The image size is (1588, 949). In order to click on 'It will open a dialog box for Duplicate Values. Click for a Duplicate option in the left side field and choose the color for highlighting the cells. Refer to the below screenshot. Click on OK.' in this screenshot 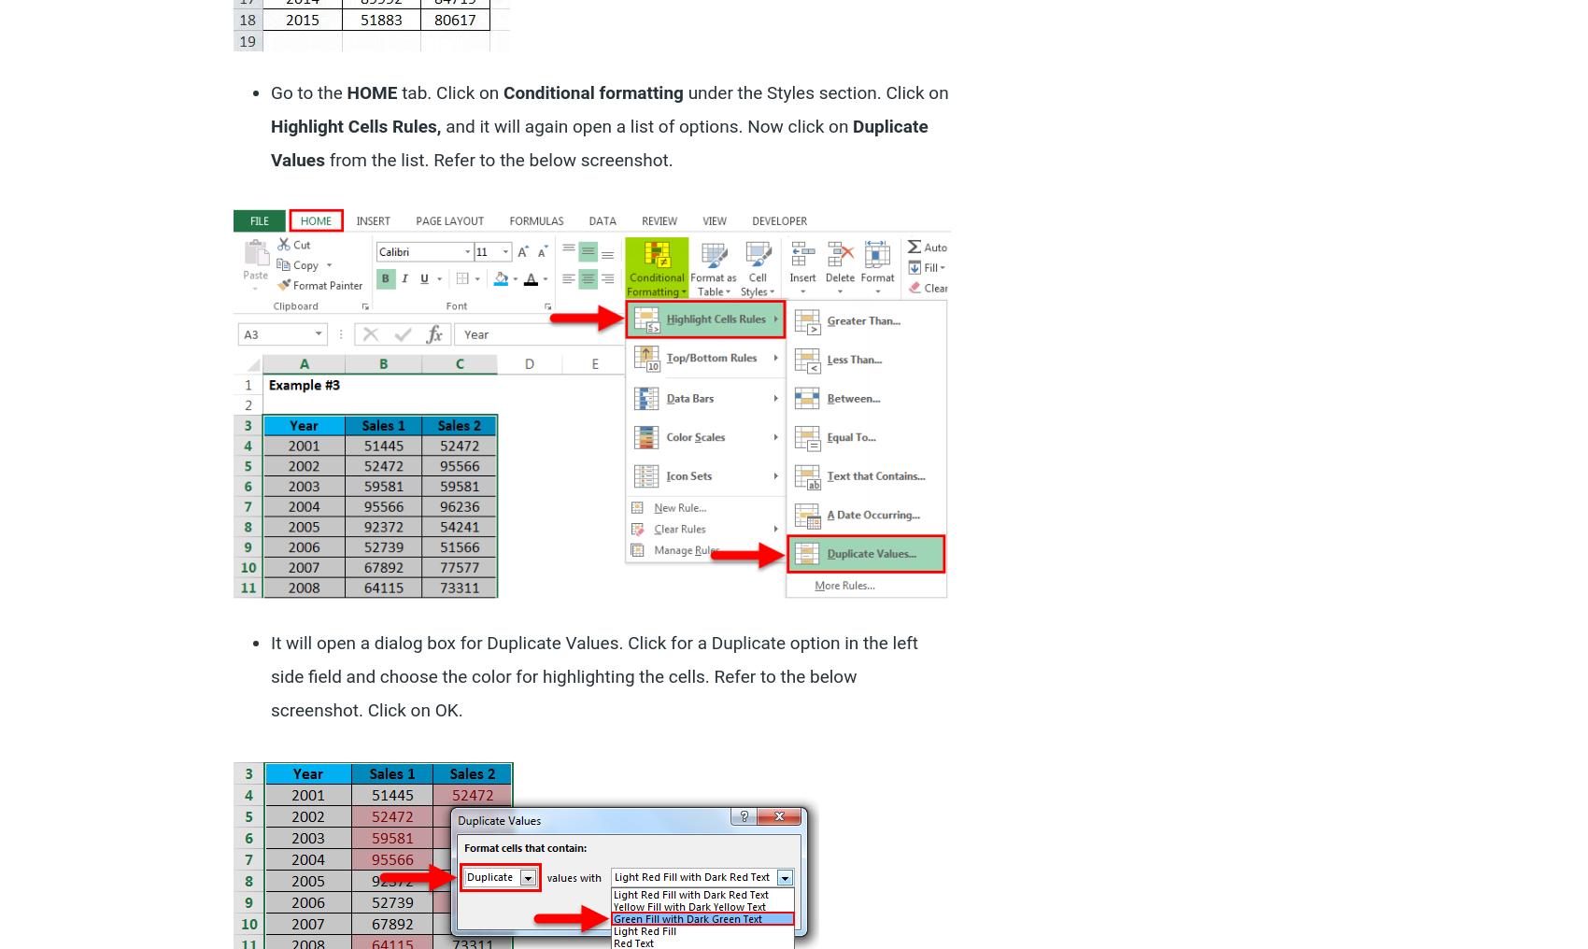, I will do `click(593, 676)`.